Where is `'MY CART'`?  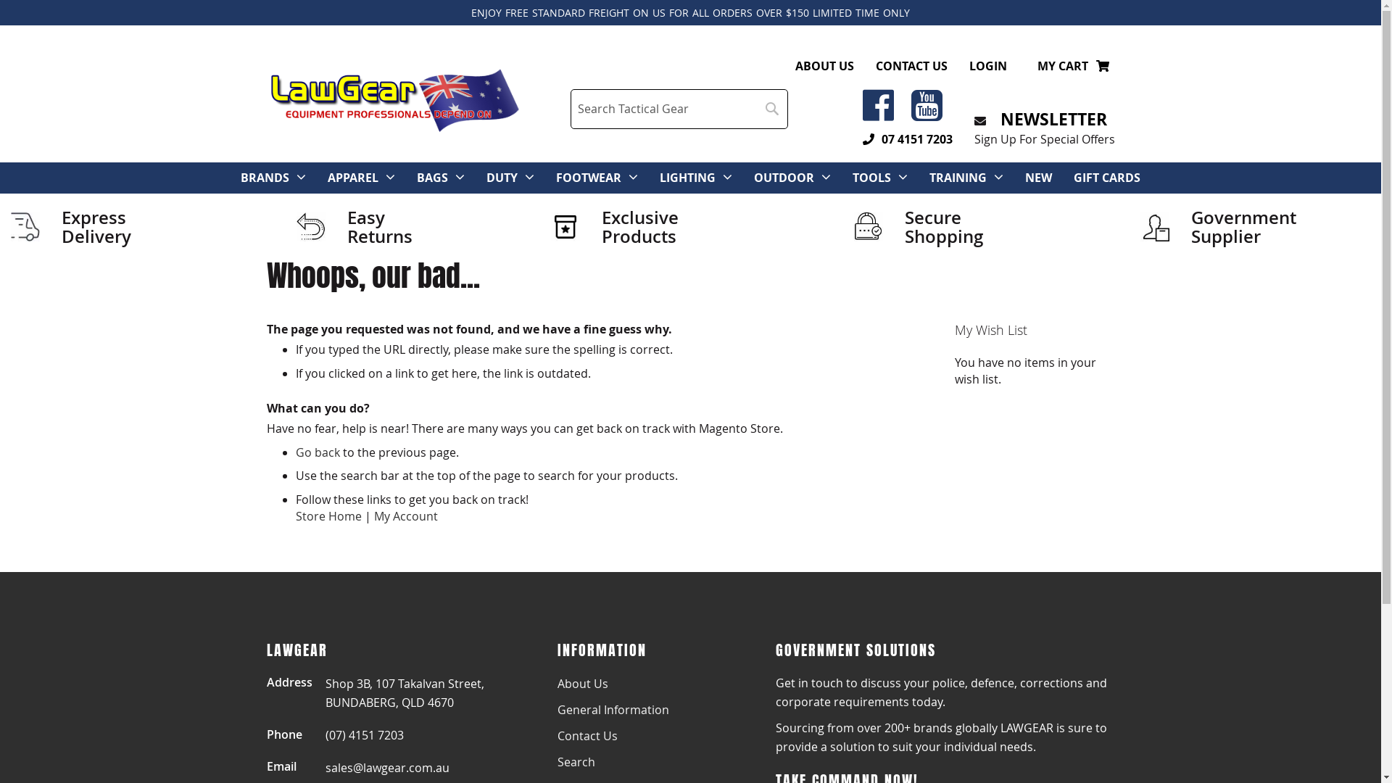
'MY CART' is located at coordinates (1037, 66).